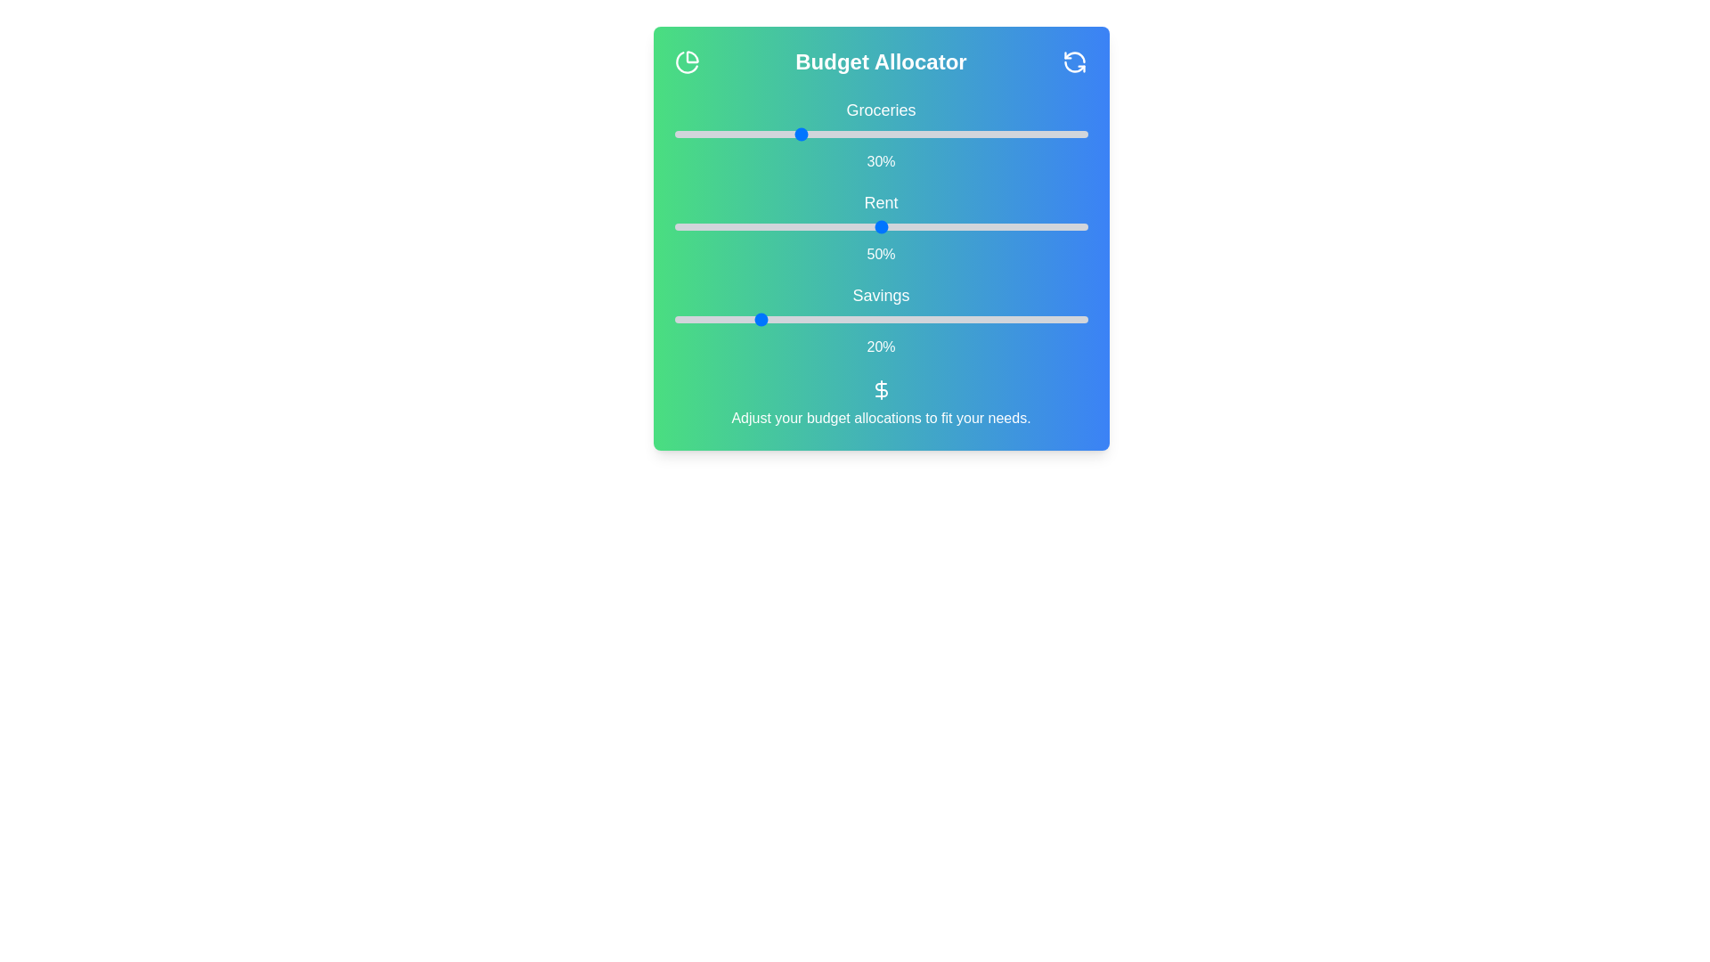 The image size is (1710, 962). Describe the element at coordinates (1073, 61) in the screenshot. I see `the reset button to reset the budget allocations` at that location.